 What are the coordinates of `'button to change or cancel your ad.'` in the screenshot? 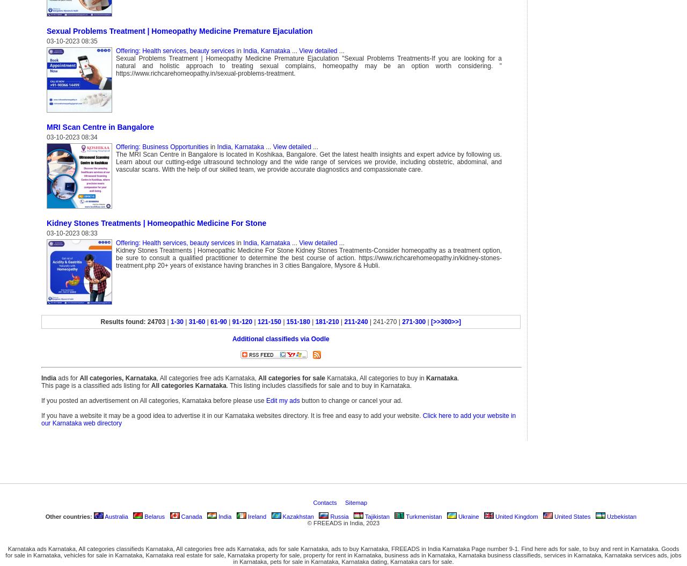 It's located at (350, 400).